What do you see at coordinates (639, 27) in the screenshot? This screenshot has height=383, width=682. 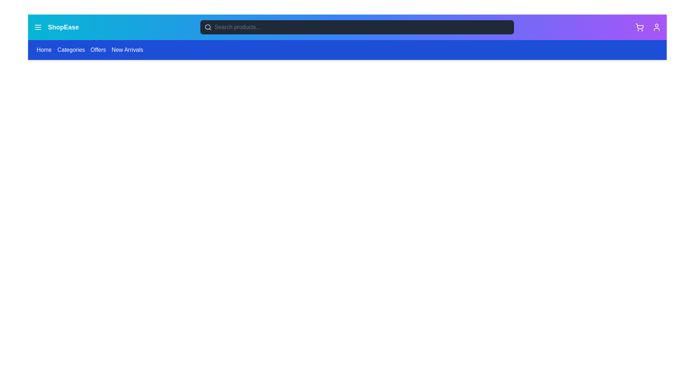 I see `the shopping cart icon located at the top-right of the application interface` at bounding box center [639, 27].